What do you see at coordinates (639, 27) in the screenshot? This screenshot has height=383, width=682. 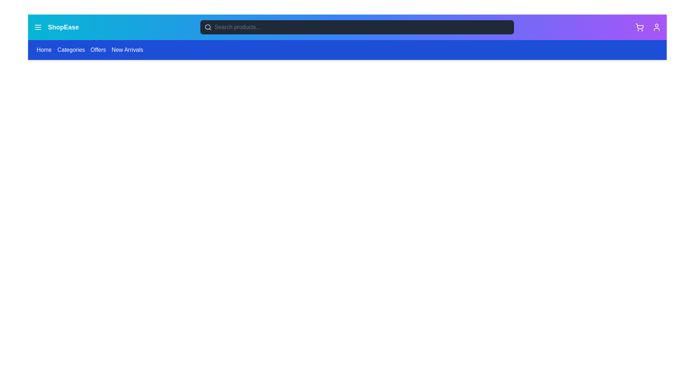 I see `the shopping cart icon located at the top-right of the application interface` at bounding box center [639, 27].